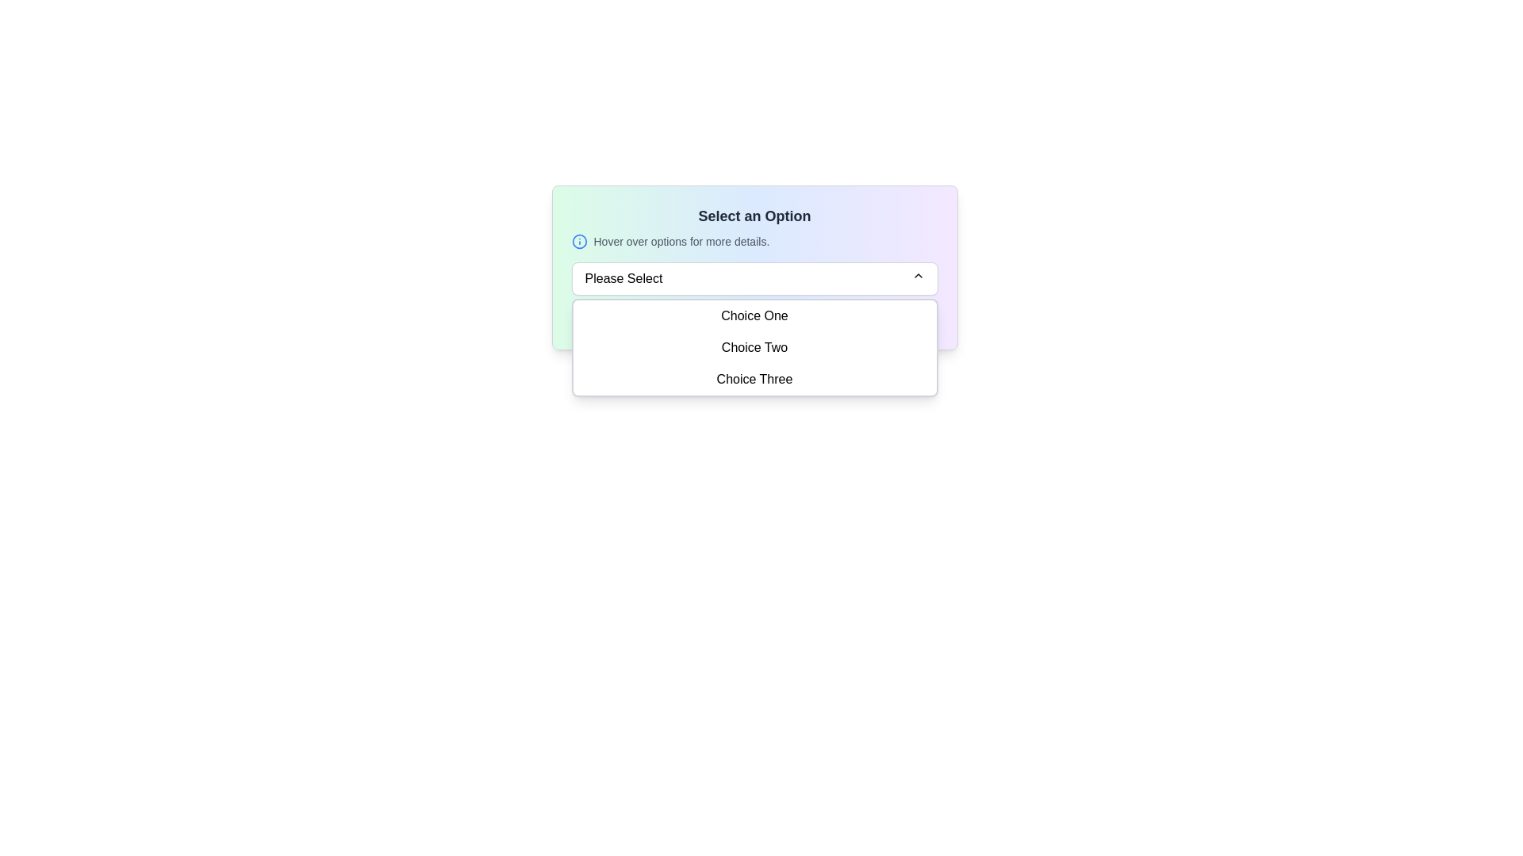 Image resolution: width=1523 pixels, height=856 pixels. Describe the element at coordinates (754, 347) in the screenshot. I see `the dropdown menu item labeled 'Choice Two'` at that location.